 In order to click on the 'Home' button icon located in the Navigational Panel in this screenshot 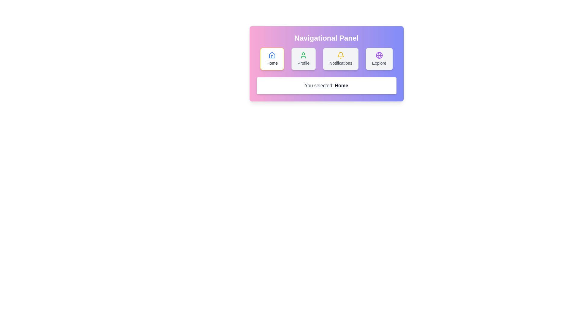, I will do `click(272, 55)`.